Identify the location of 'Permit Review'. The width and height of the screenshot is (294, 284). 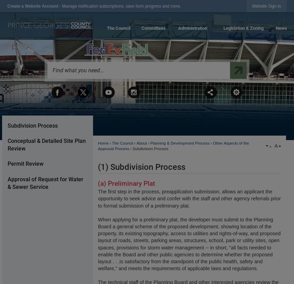
(25, 163).